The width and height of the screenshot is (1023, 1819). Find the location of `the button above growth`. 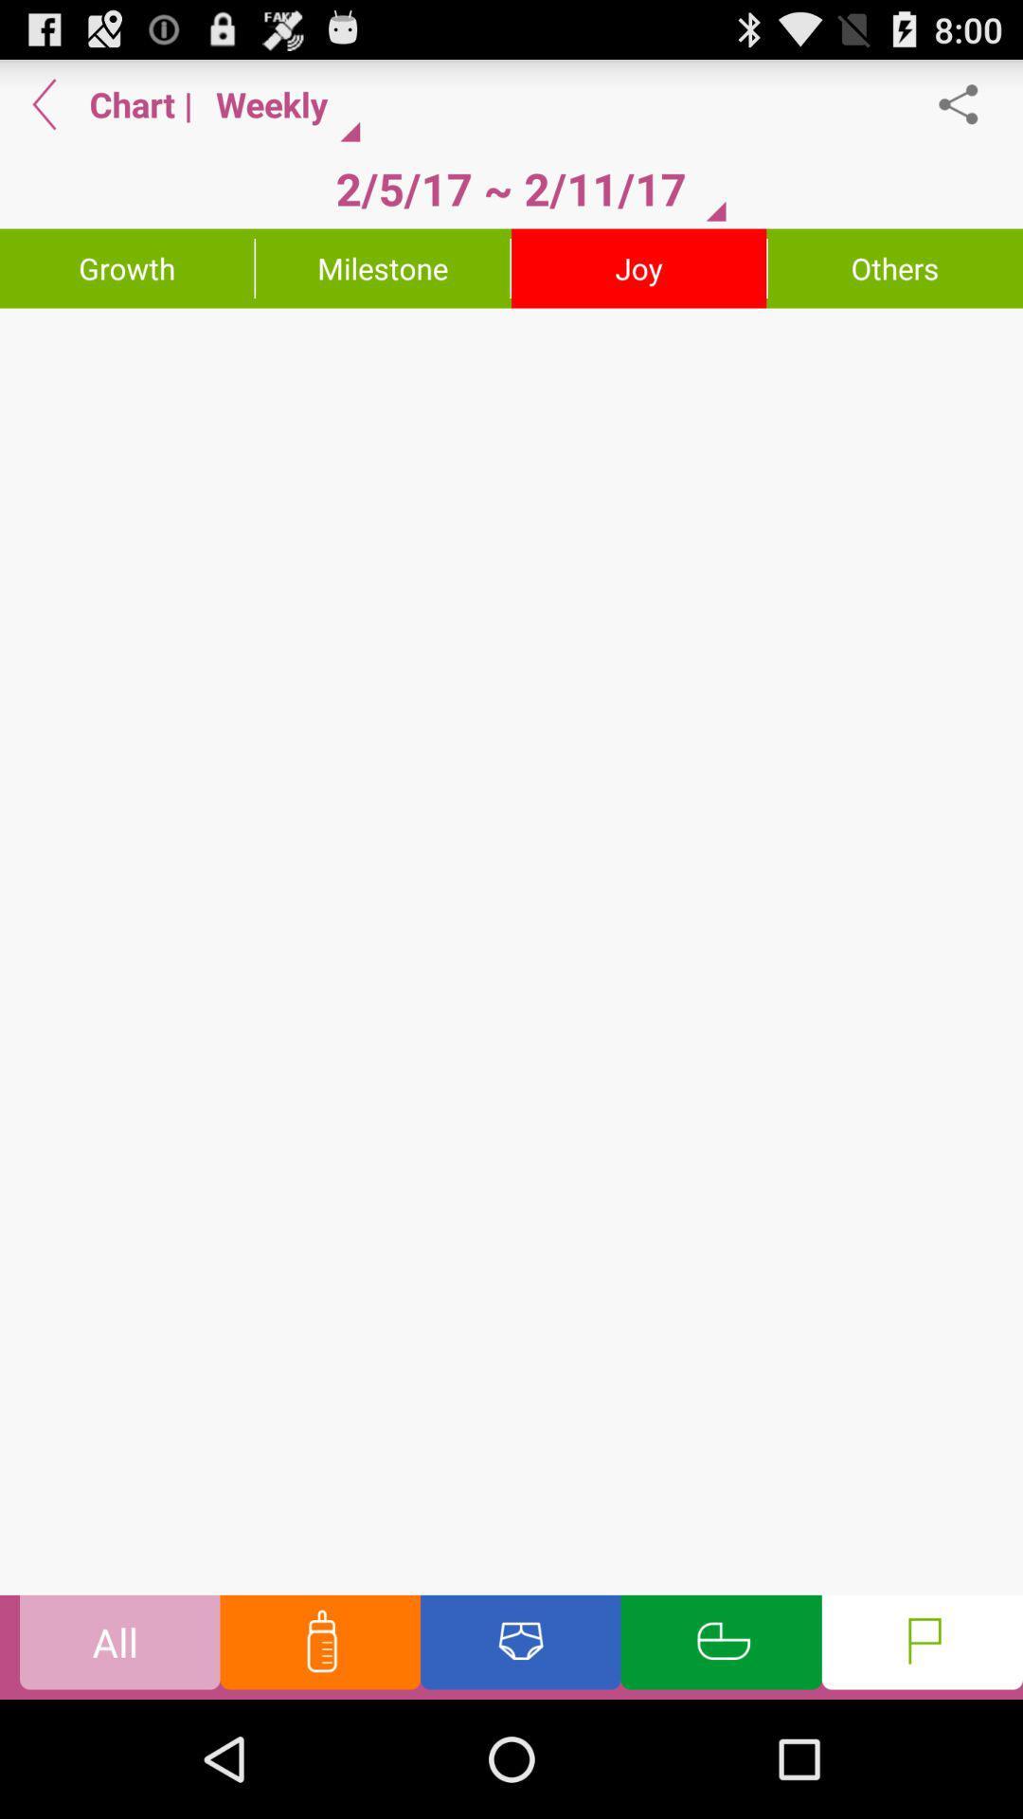

the button above growth is located at coordinates (44, 103).